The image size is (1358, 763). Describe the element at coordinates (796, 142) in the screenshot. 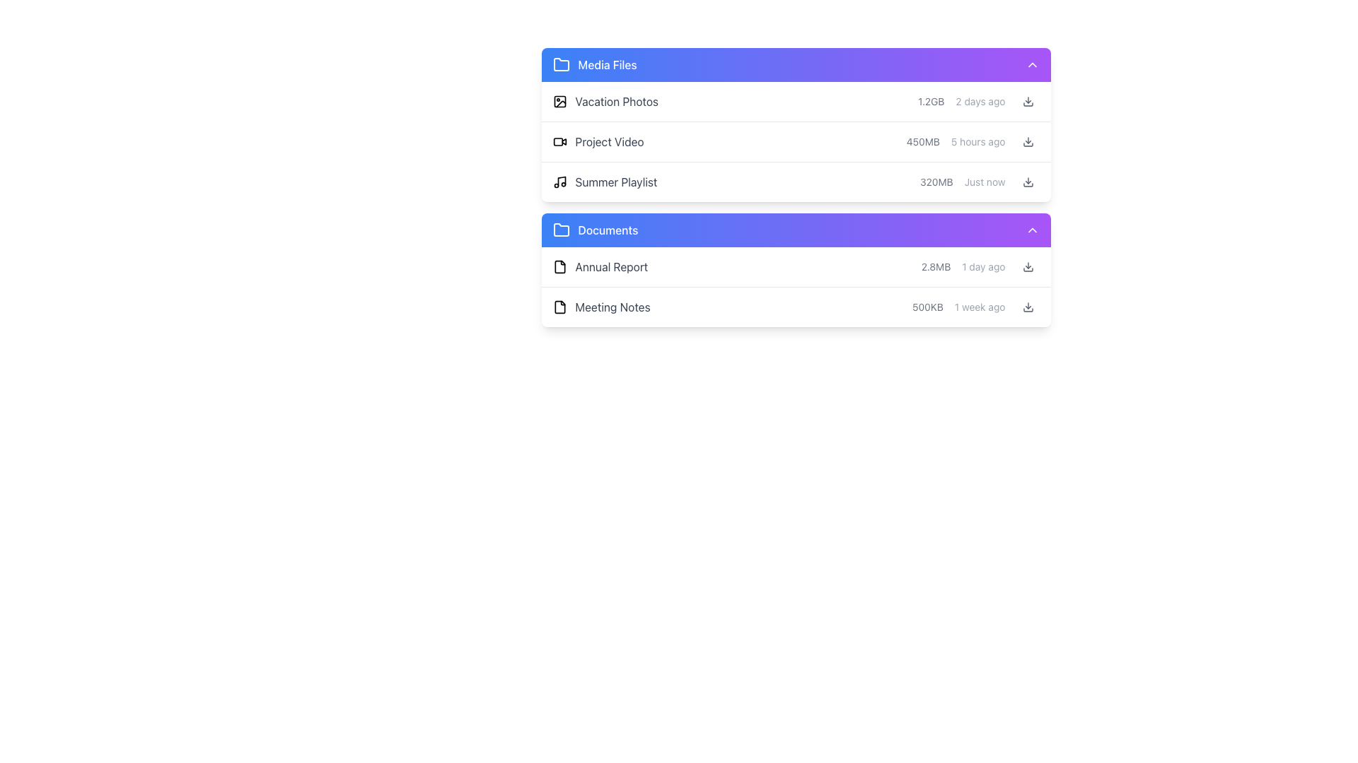

I see `text details of the list item labeled 'Project Video', which is the second row under the 'Media Files' section` at that location.